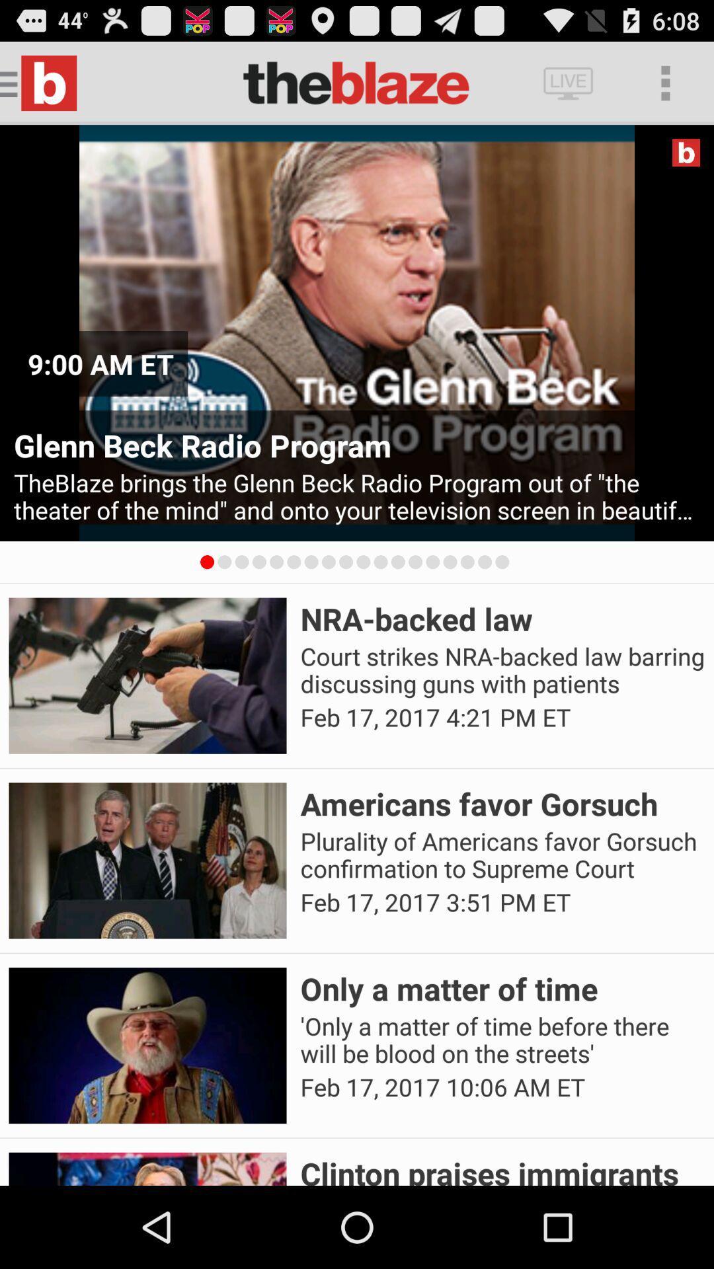 This screenshot has width=714, height=1269. I want to click on the theblaze brings the item, so click(357, 496).